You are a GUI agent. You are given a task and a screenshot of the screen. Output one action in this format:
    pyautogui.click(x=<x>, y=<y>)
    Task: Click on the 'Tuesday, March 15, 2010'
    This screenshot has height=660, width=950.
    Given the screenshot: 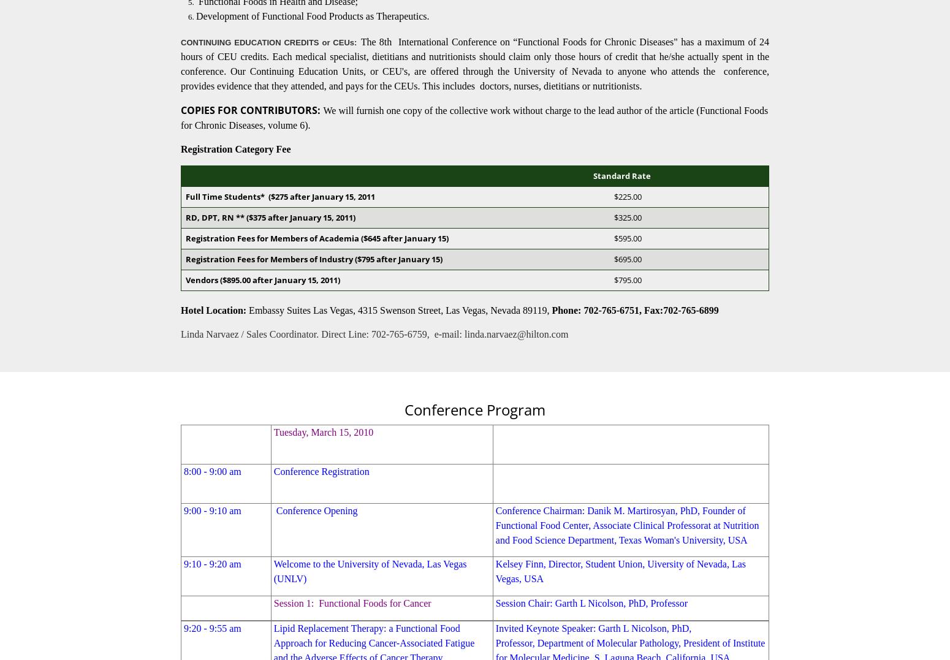 What is the action you would take?
    pyautogui.click(x=322, y=432)
    